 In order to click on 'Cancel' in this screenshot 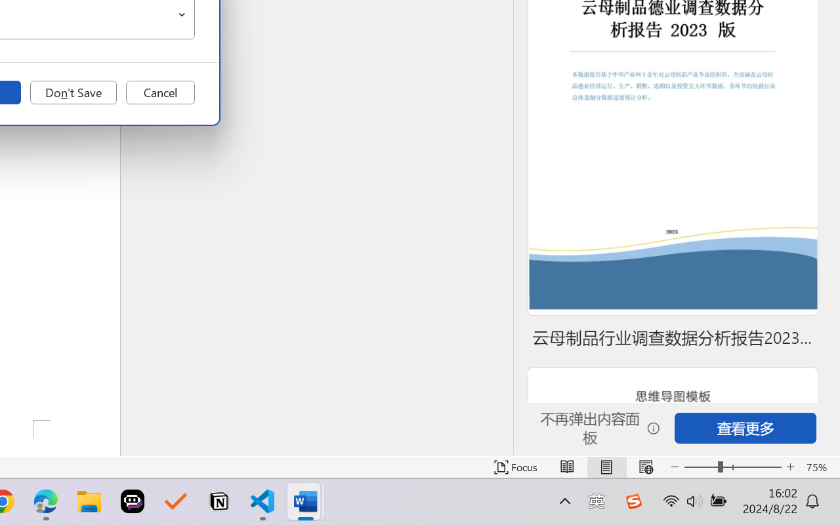, I will do `click(159, 93)`.